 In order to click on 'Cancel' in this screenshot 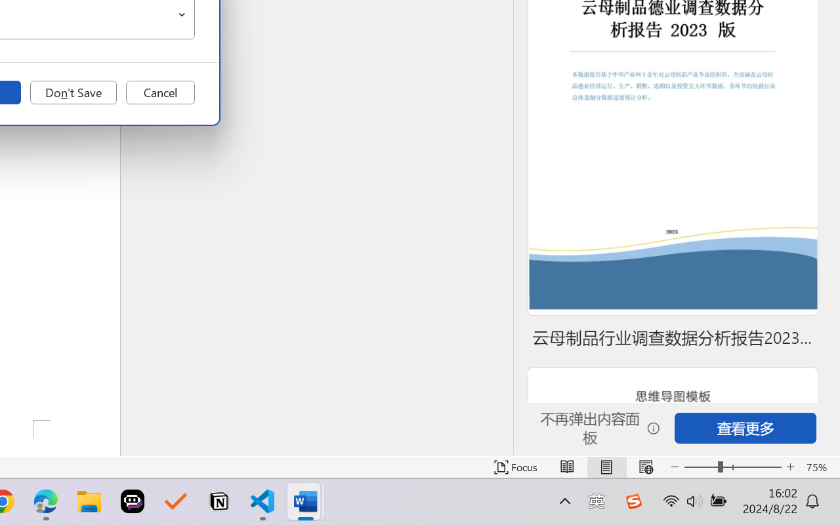, I will do `click(159, 93)`.